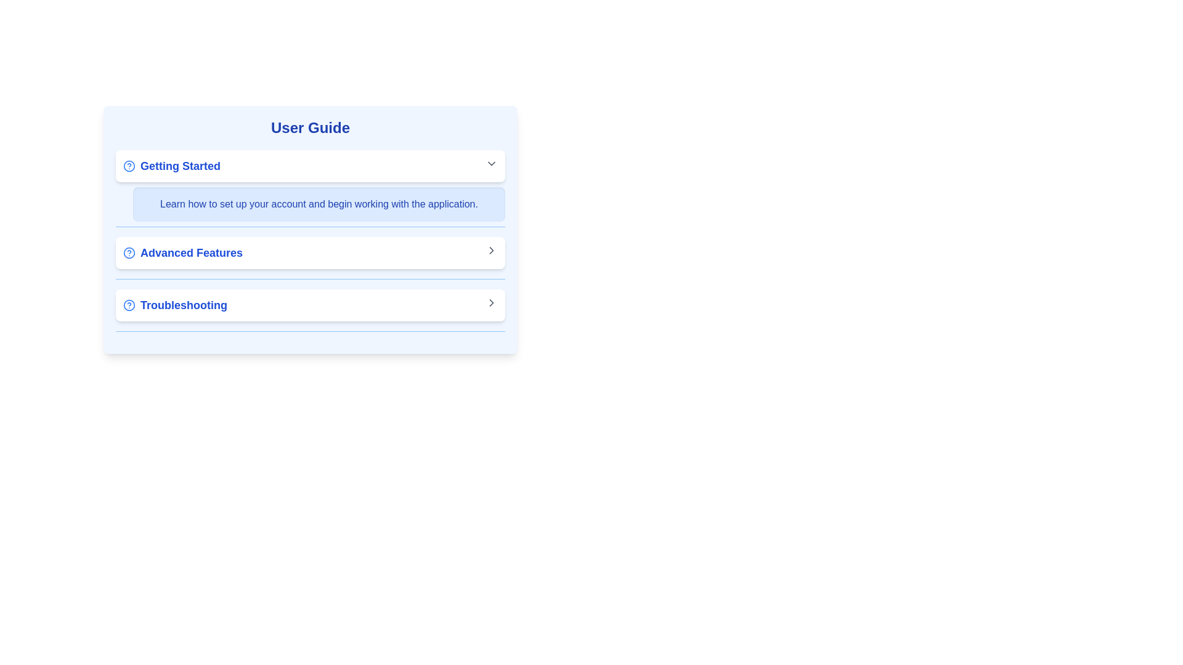 This screenshot has height=665, width=1183. What do you see at coordinates (490, 250) in the screenshot?
I see `the right-facing chevron icon located on the right edge of the 'Advanced Features' section` at bounding box center [490, 250].